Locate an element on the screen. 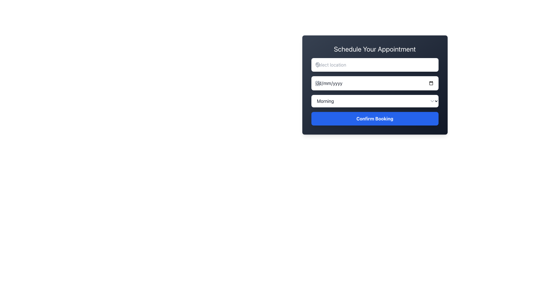 Image resolution: width=545 pixels, height=306 pixels. the text label that serves as a title for the scheduling appointment form, located at the top of the blue-themed modal is located at coordinates (375, 49).